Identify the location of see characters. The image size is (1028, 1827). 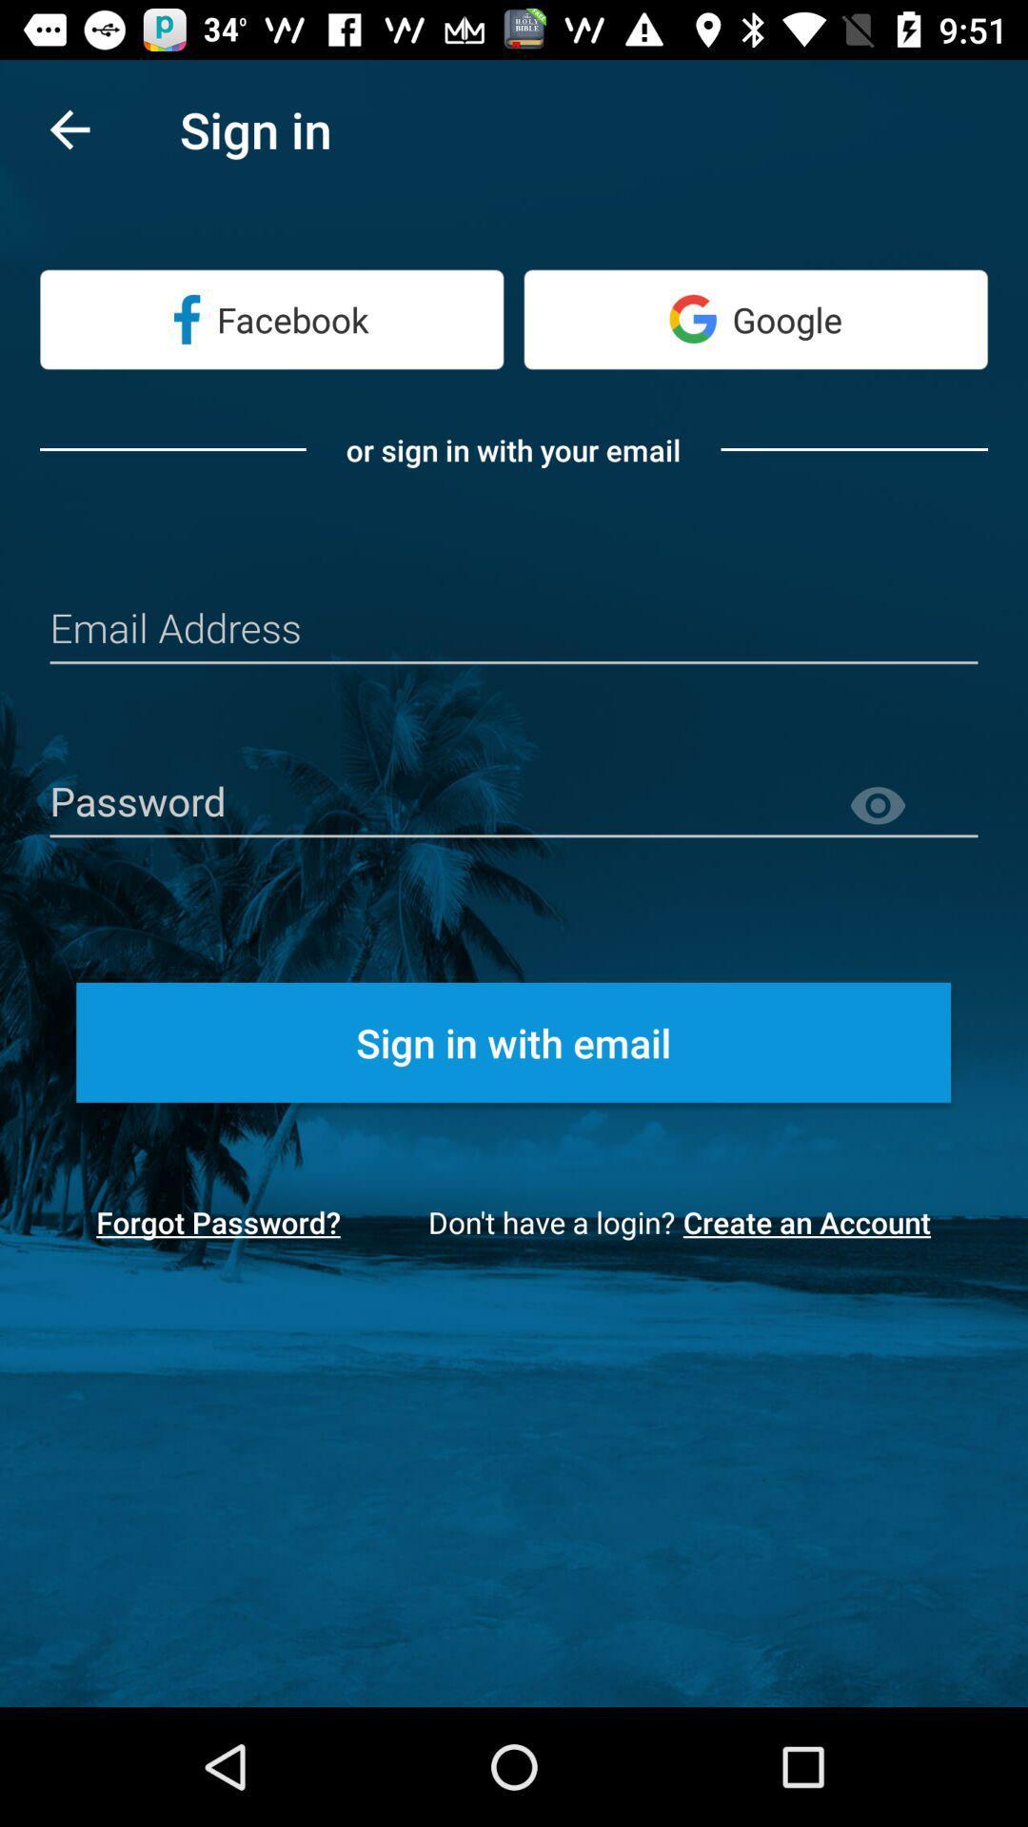
(912, 806).